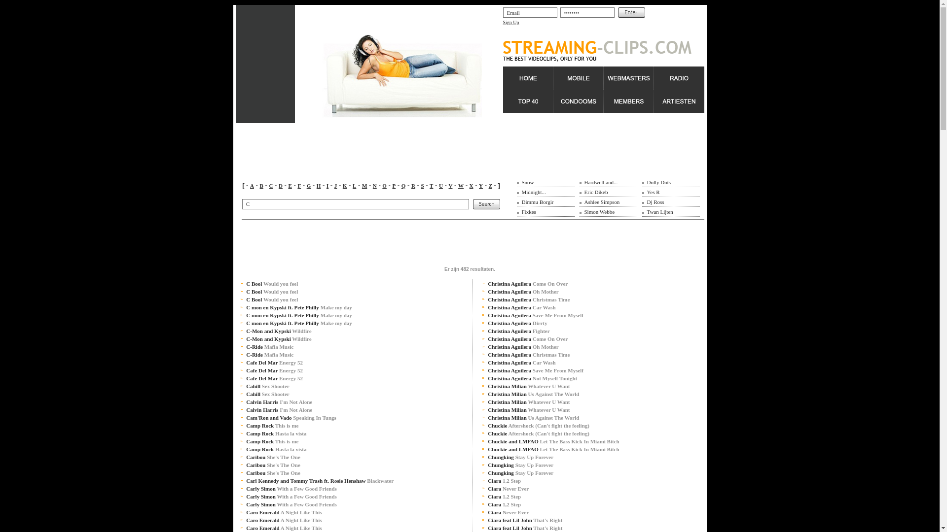  What do you see at coordinates (336, 186) in the screenshot?
I see `'J'` at bounding box center [336, 186].